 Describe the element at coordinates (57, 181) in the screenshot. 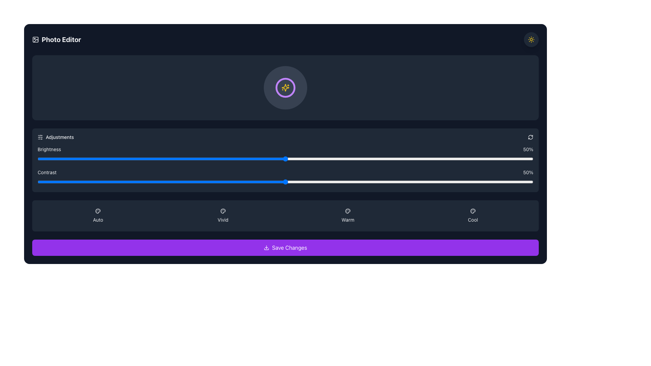

I see `contrast` at that location.